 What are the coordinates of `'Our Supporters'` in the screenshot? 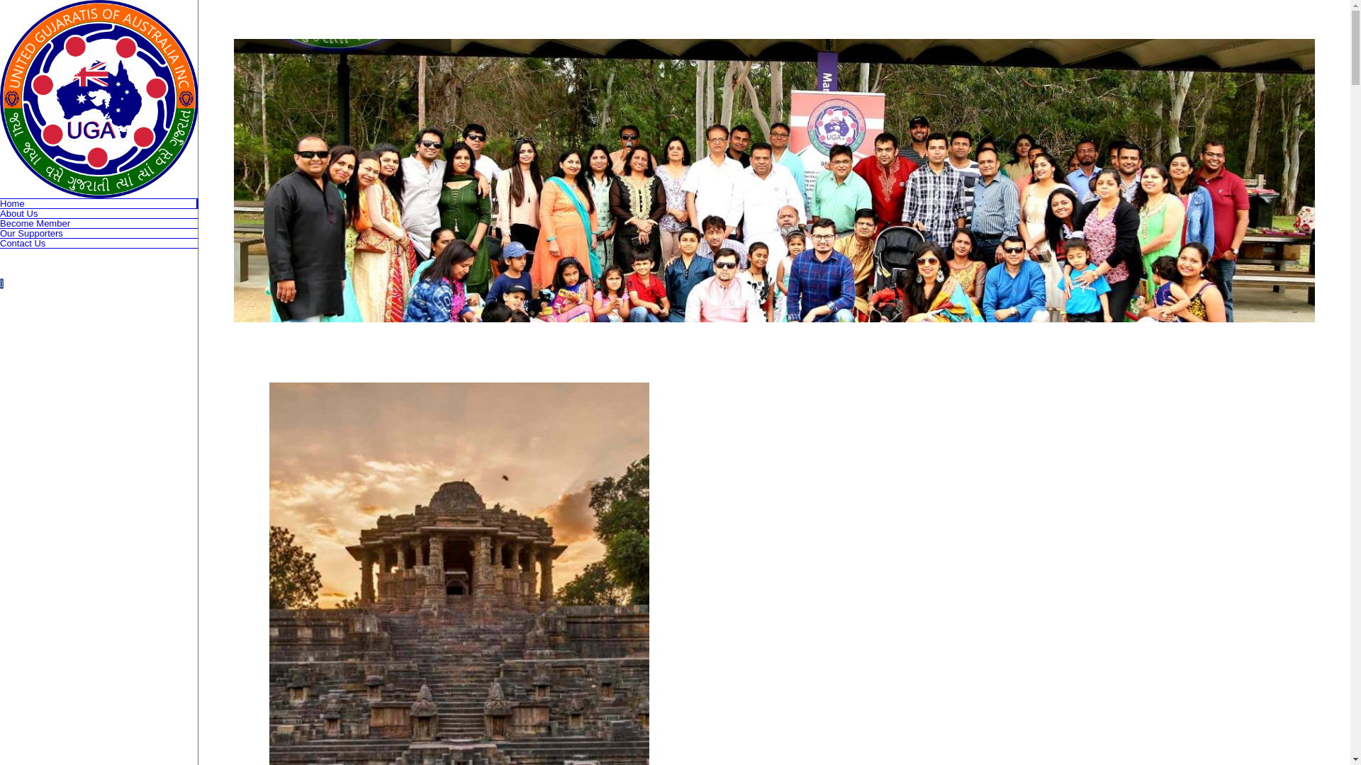 It's located at (0, 233).